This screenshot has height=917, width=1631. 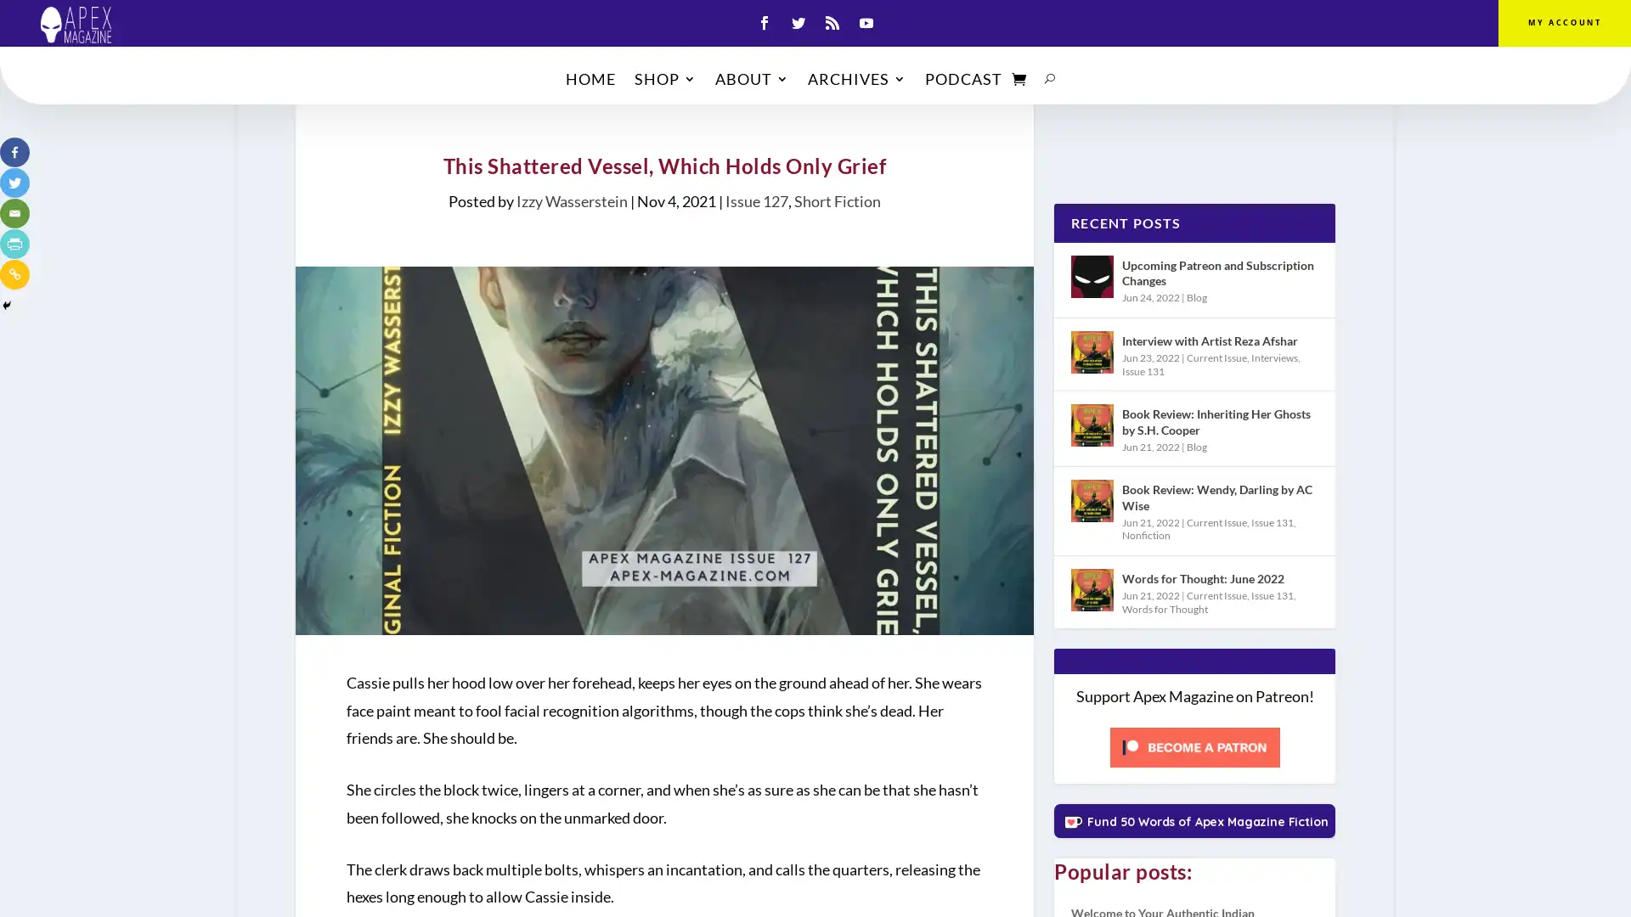 What do you see at coordinates (1049, 82) in the screenshot?
I see `U` at bounding box center [1049, 82].